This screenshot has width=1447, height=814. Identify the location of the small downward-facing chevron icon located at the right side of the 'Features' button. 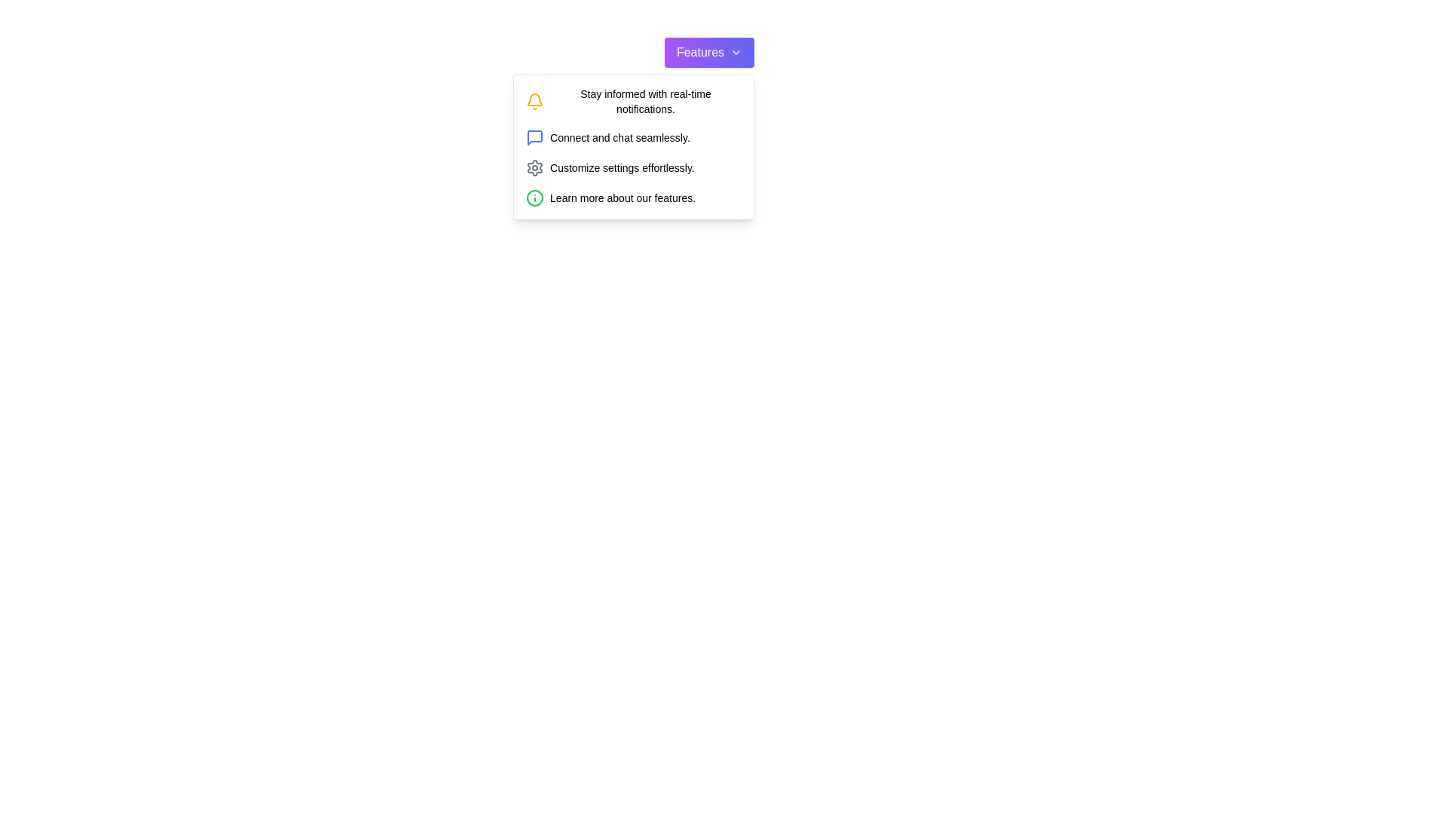
(736, 51).